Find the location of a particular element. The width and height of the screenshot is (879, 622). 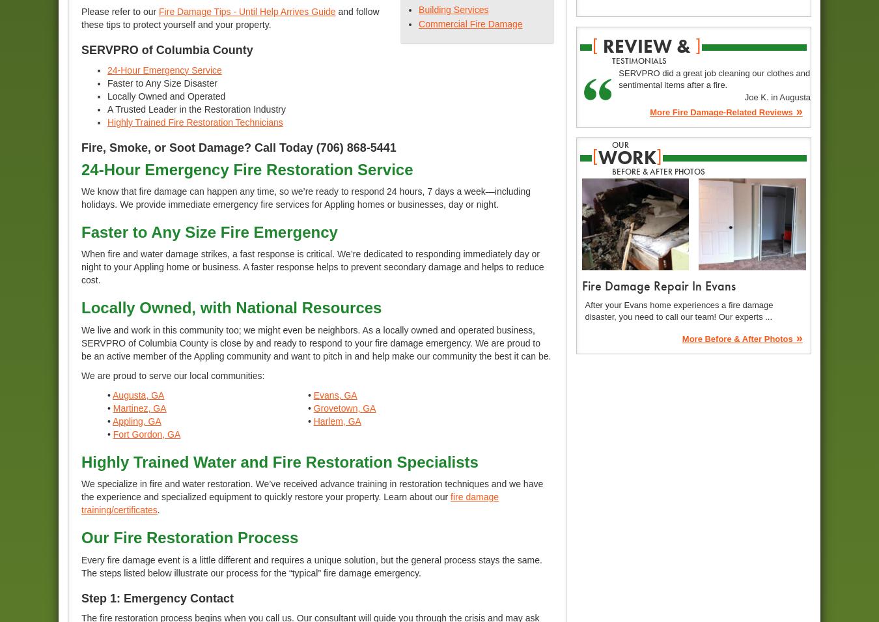

'24-Hour Emergency Fire Restoration Service' is located at coordinates (247, 169).